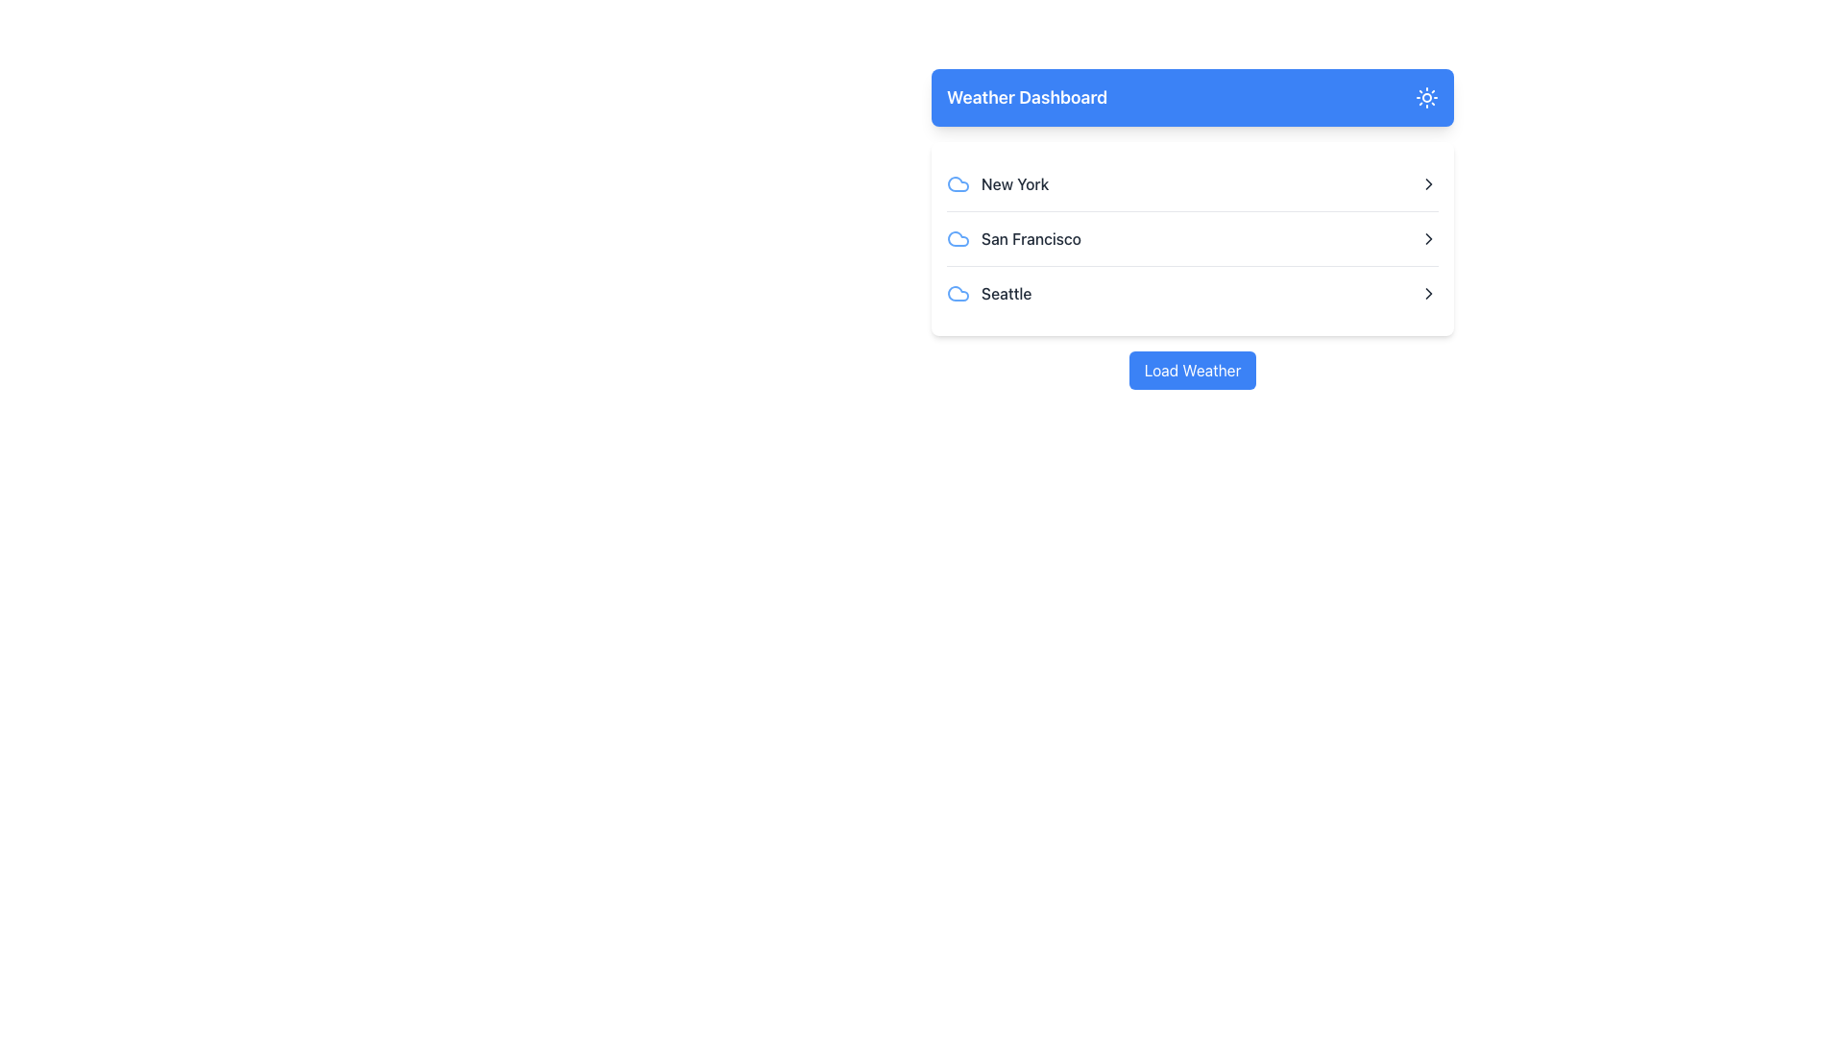  I want to click on the city selection item represented by the Text with Icon, so click(1013, 238).